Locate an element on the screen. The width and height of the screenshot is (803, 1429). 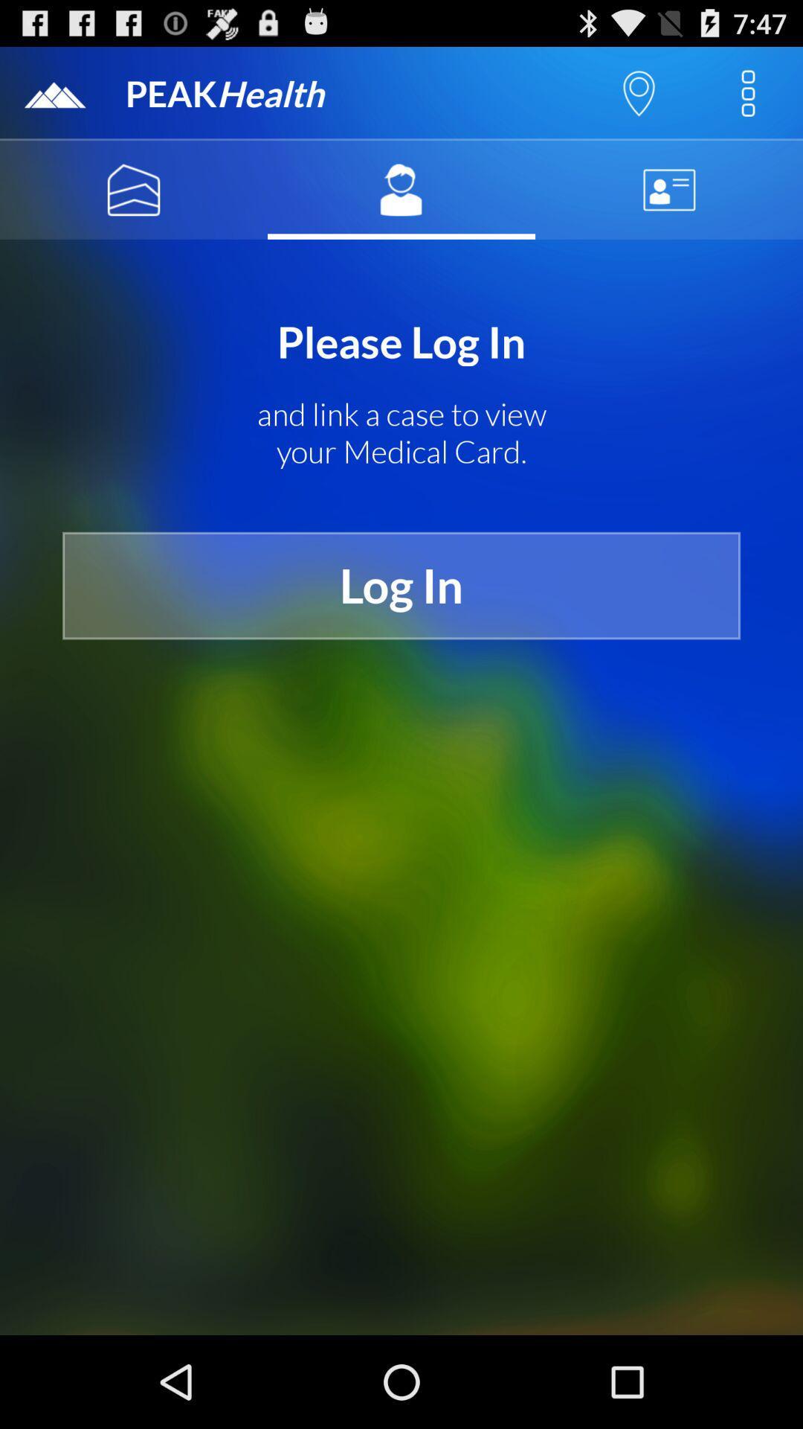
icon below the peakhealth is located at coordinates (134, 189).